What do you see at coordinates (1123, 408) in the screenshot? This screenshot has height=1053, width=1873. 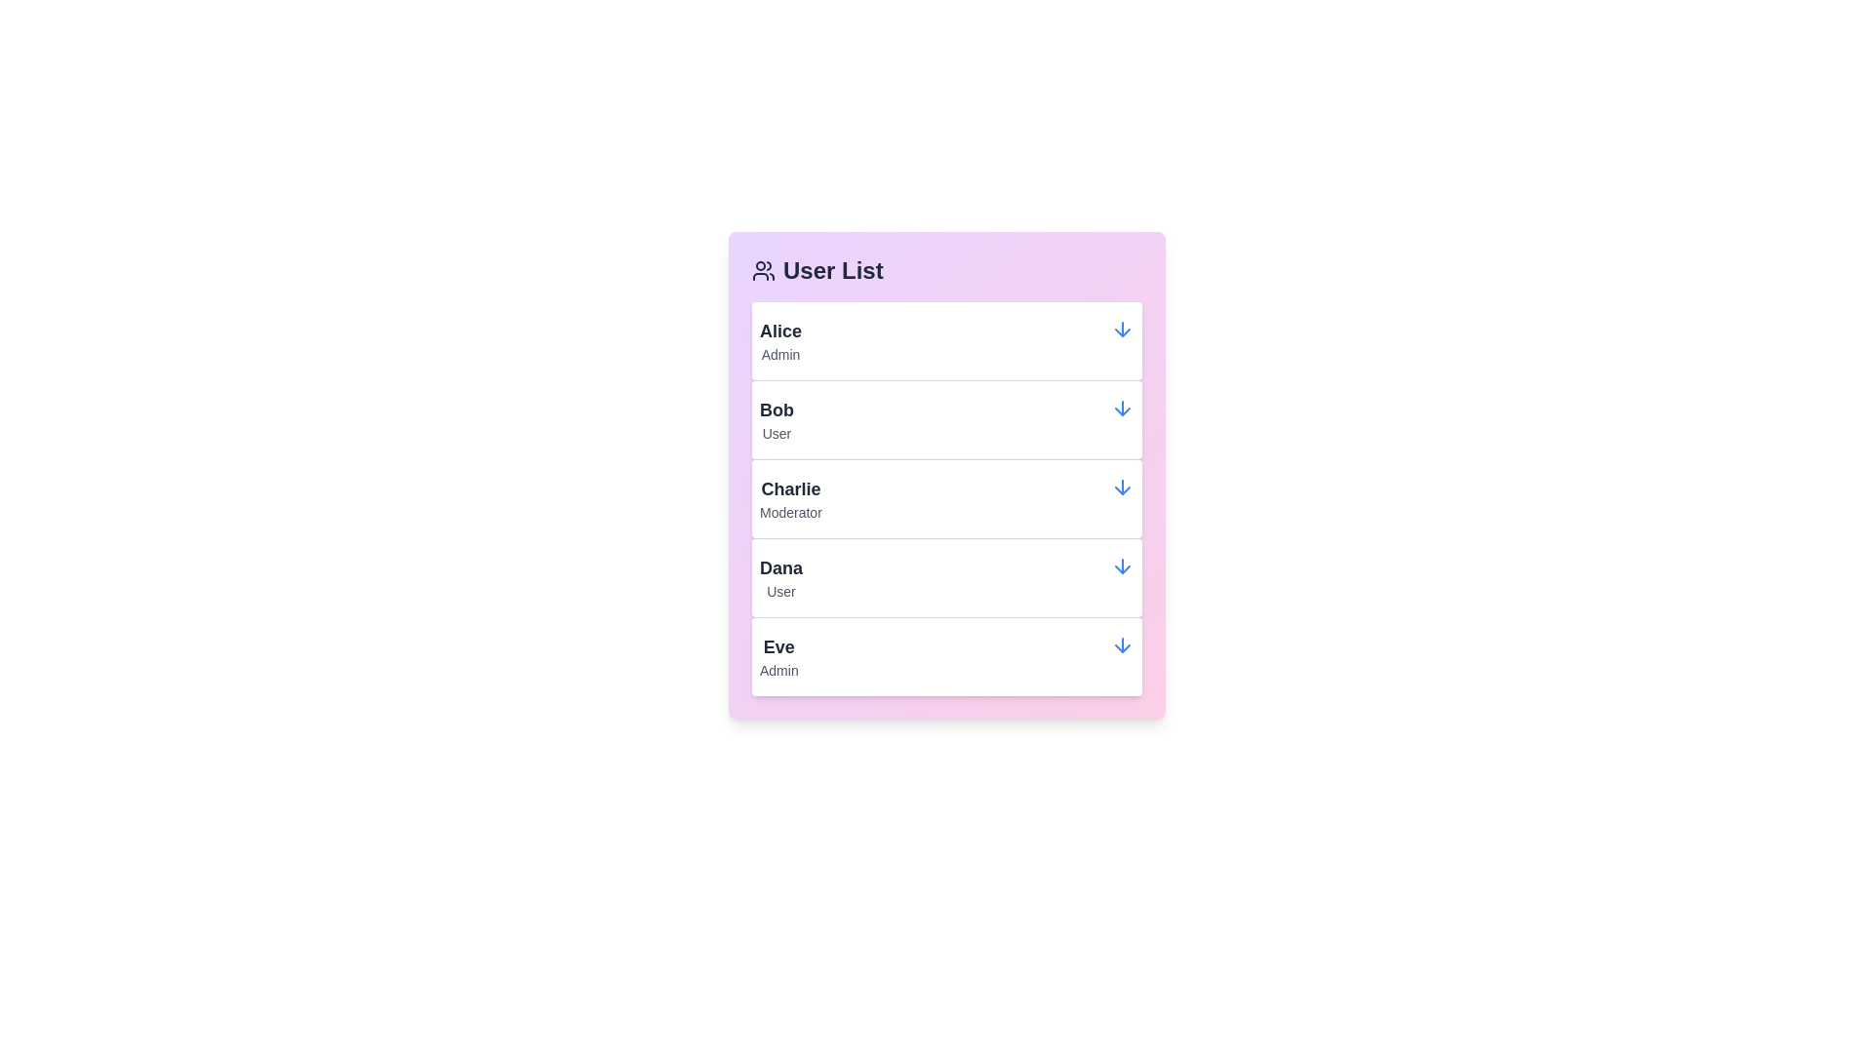 I see `the arrow icon for Bob` at bounding box center [1123, 408].